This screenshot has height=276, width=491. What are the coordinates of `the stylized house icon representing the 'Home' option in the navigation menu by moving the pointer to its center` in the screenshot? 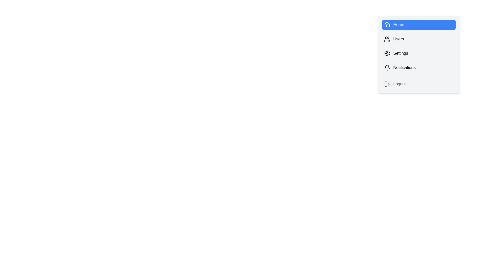 It's located at (387, 25).